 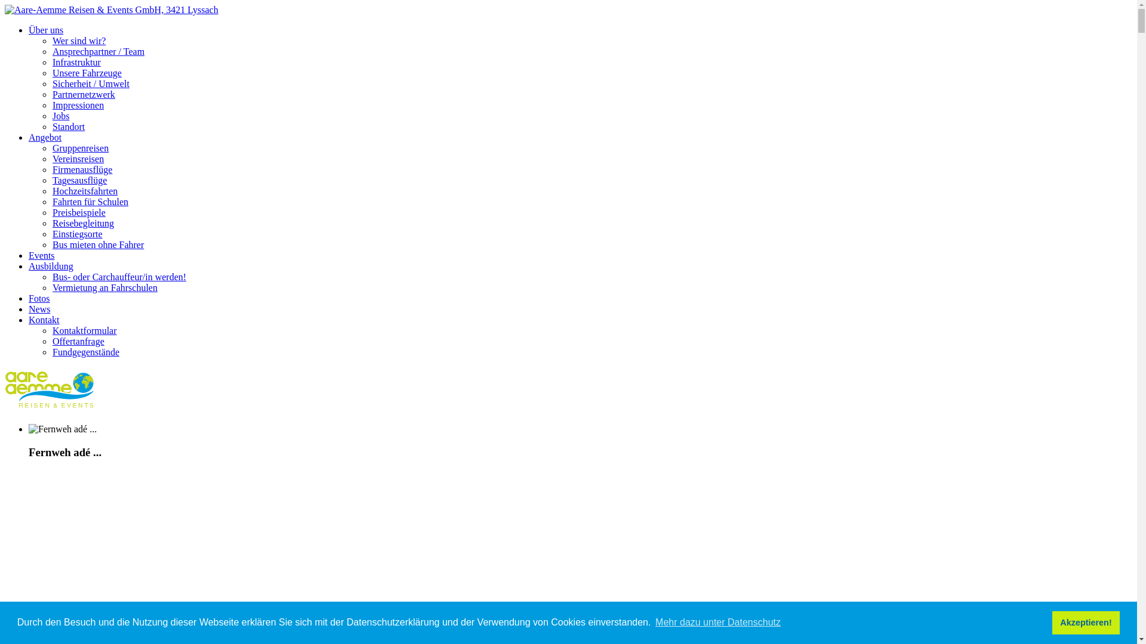 What do you see at coordinates (78, 212) in the screenshot?
I see `'Preisbeispiele'` at bounding box center [78, 212].